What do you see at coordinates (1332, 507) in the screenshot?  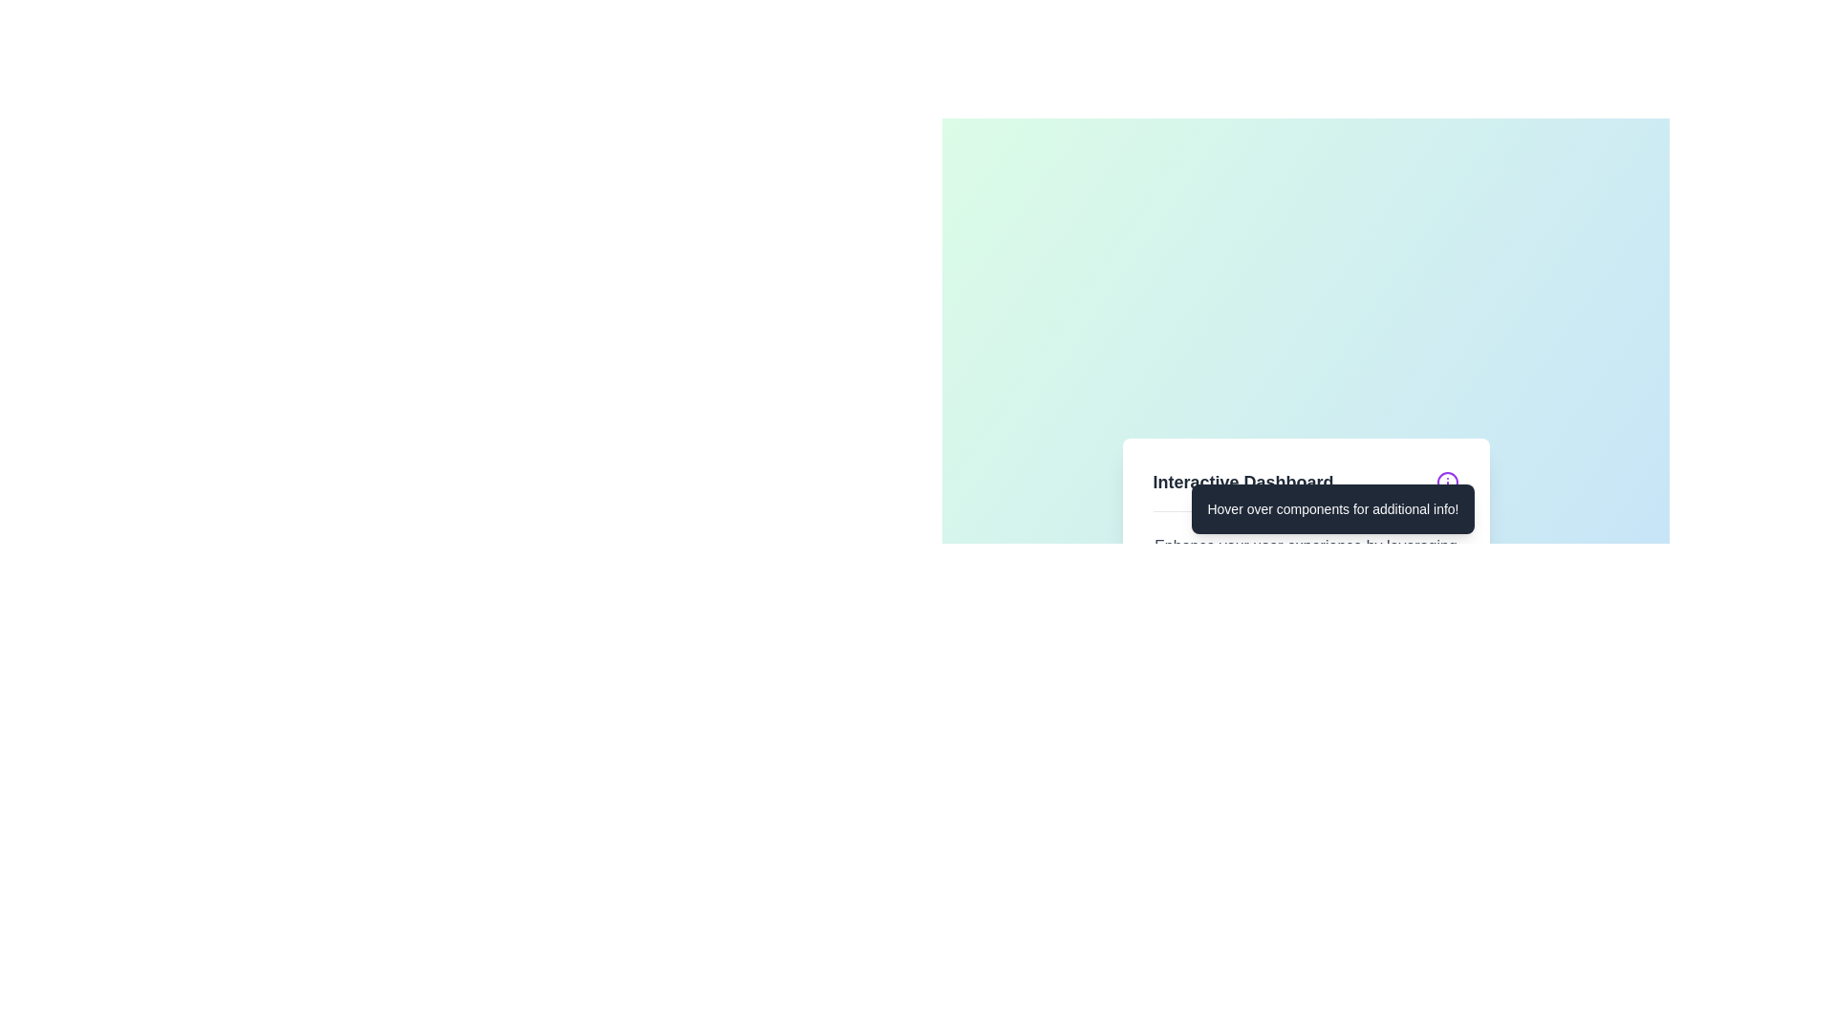 I see `tooltip description located in the top-right section of the interface, just below the title 'Interactive Dashboard' and above the 'Hide Info Panel' button` at bounding box center [1332, 507].